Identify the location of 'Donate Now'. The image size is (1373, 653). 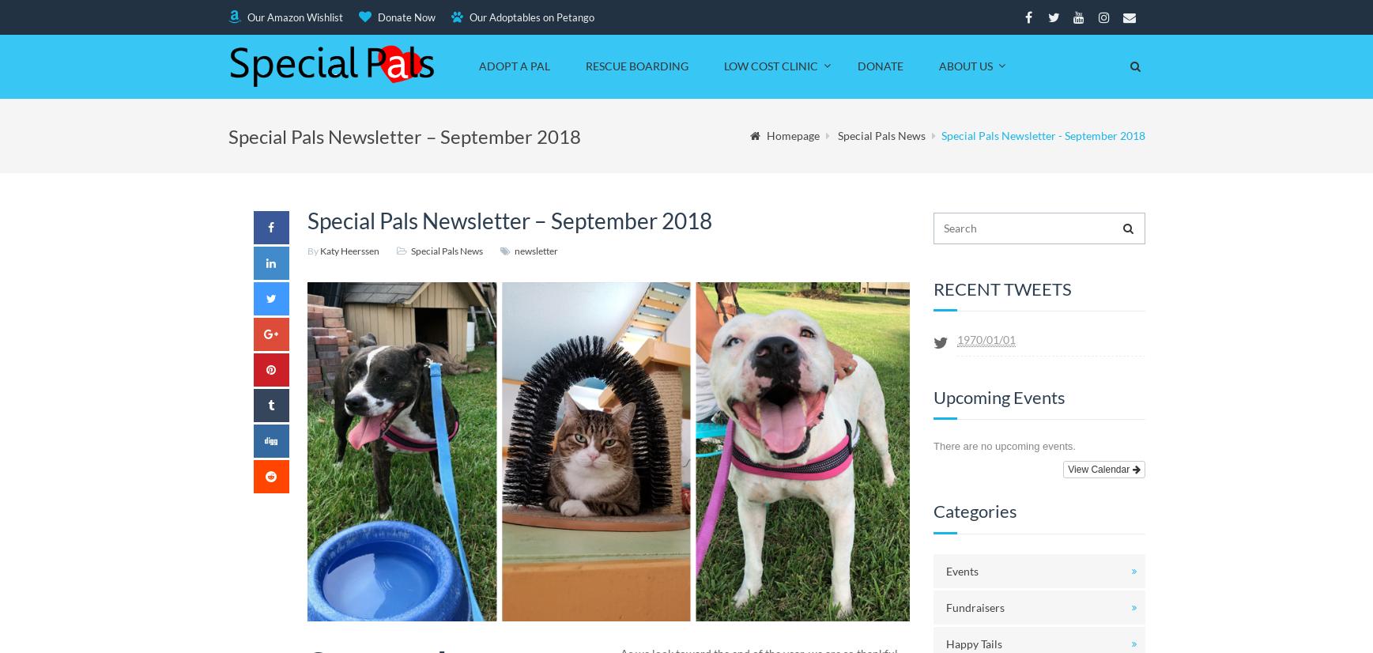
(404, 17).